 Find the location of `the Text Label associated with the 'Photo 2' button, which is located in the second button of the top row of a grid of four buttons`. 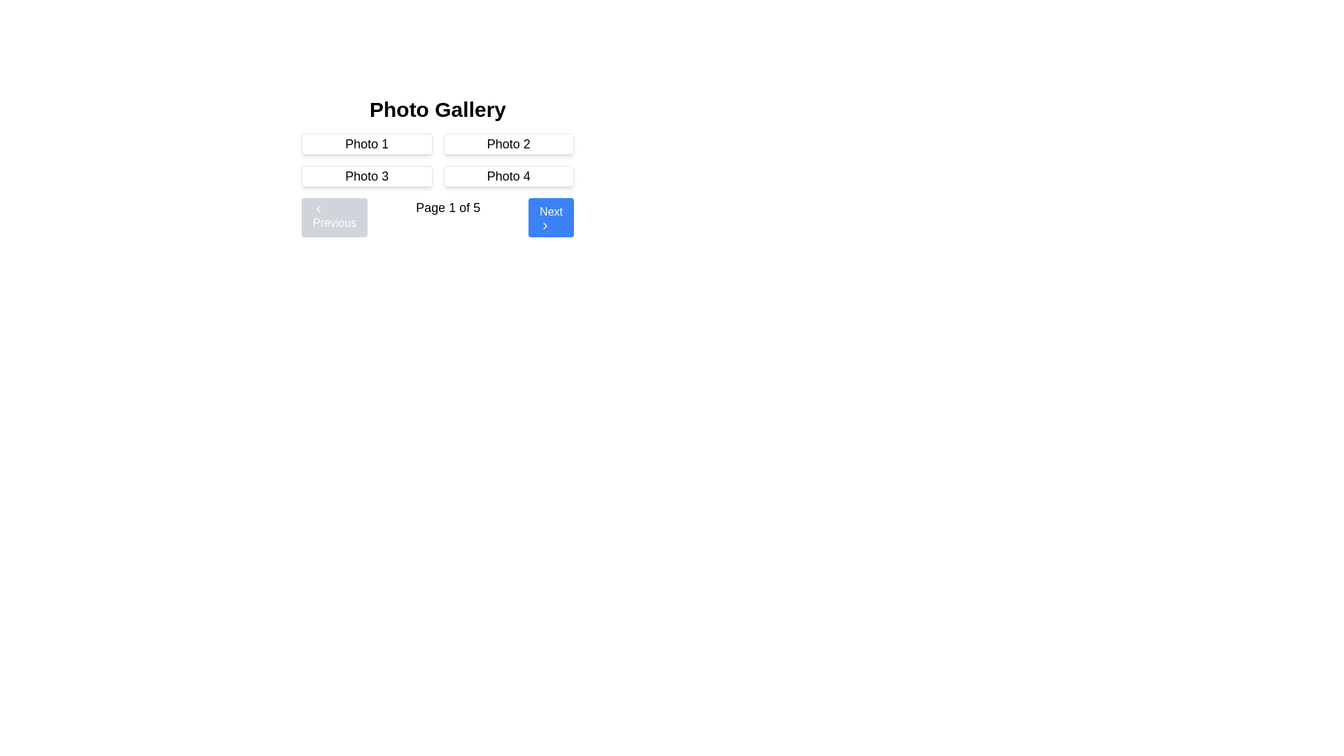

the Text Label associated with the 'Photo 2' button, which is located in the second button of the top row of a grid of four buttons is located at coordinates (507, 143).